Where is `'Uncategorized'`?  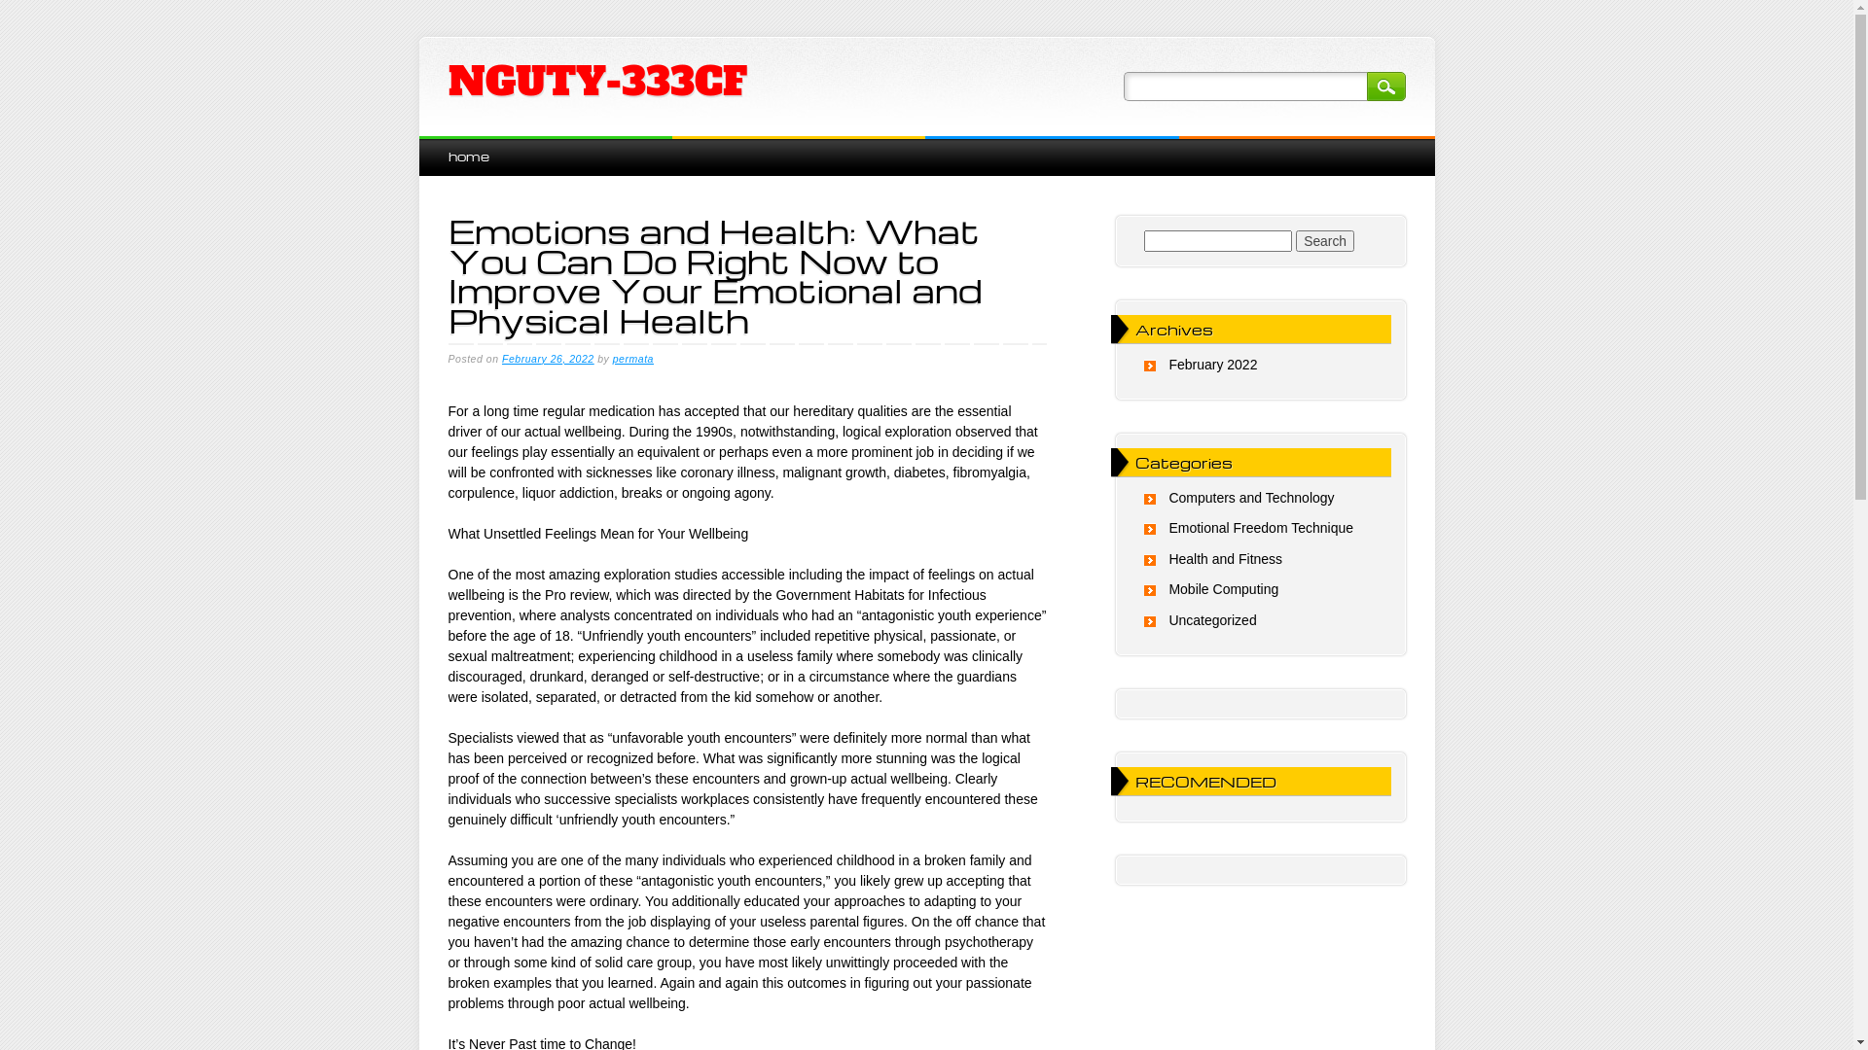 'Uncategorized' is located at coordinates (1211, 619).